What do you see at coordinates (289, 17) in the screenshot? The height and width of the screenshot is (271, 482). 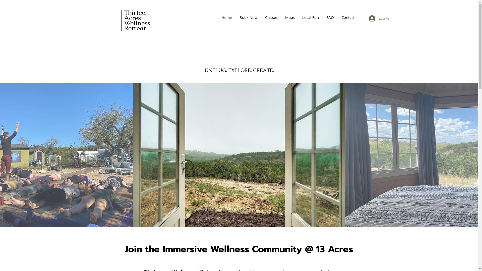 I see `'Maps'` at bounding box center [289, 17].